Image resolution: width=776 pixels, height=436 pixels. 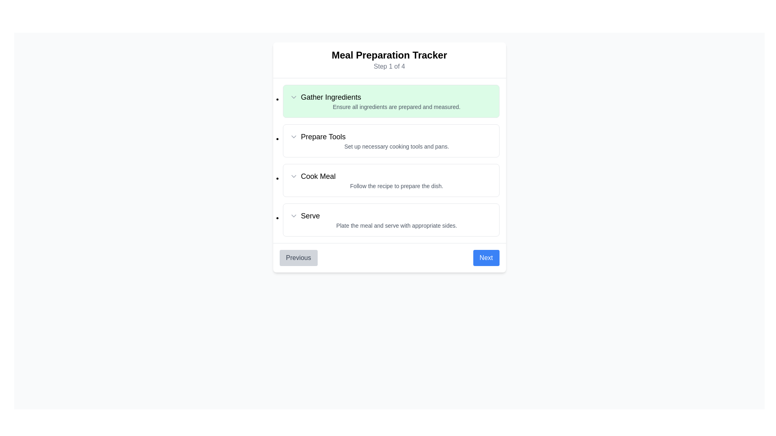 I want to click on the supplementary instructional text below the 'Prepare Tools' heading in the step-by-step tracker interface, so click(x=396, y=146).